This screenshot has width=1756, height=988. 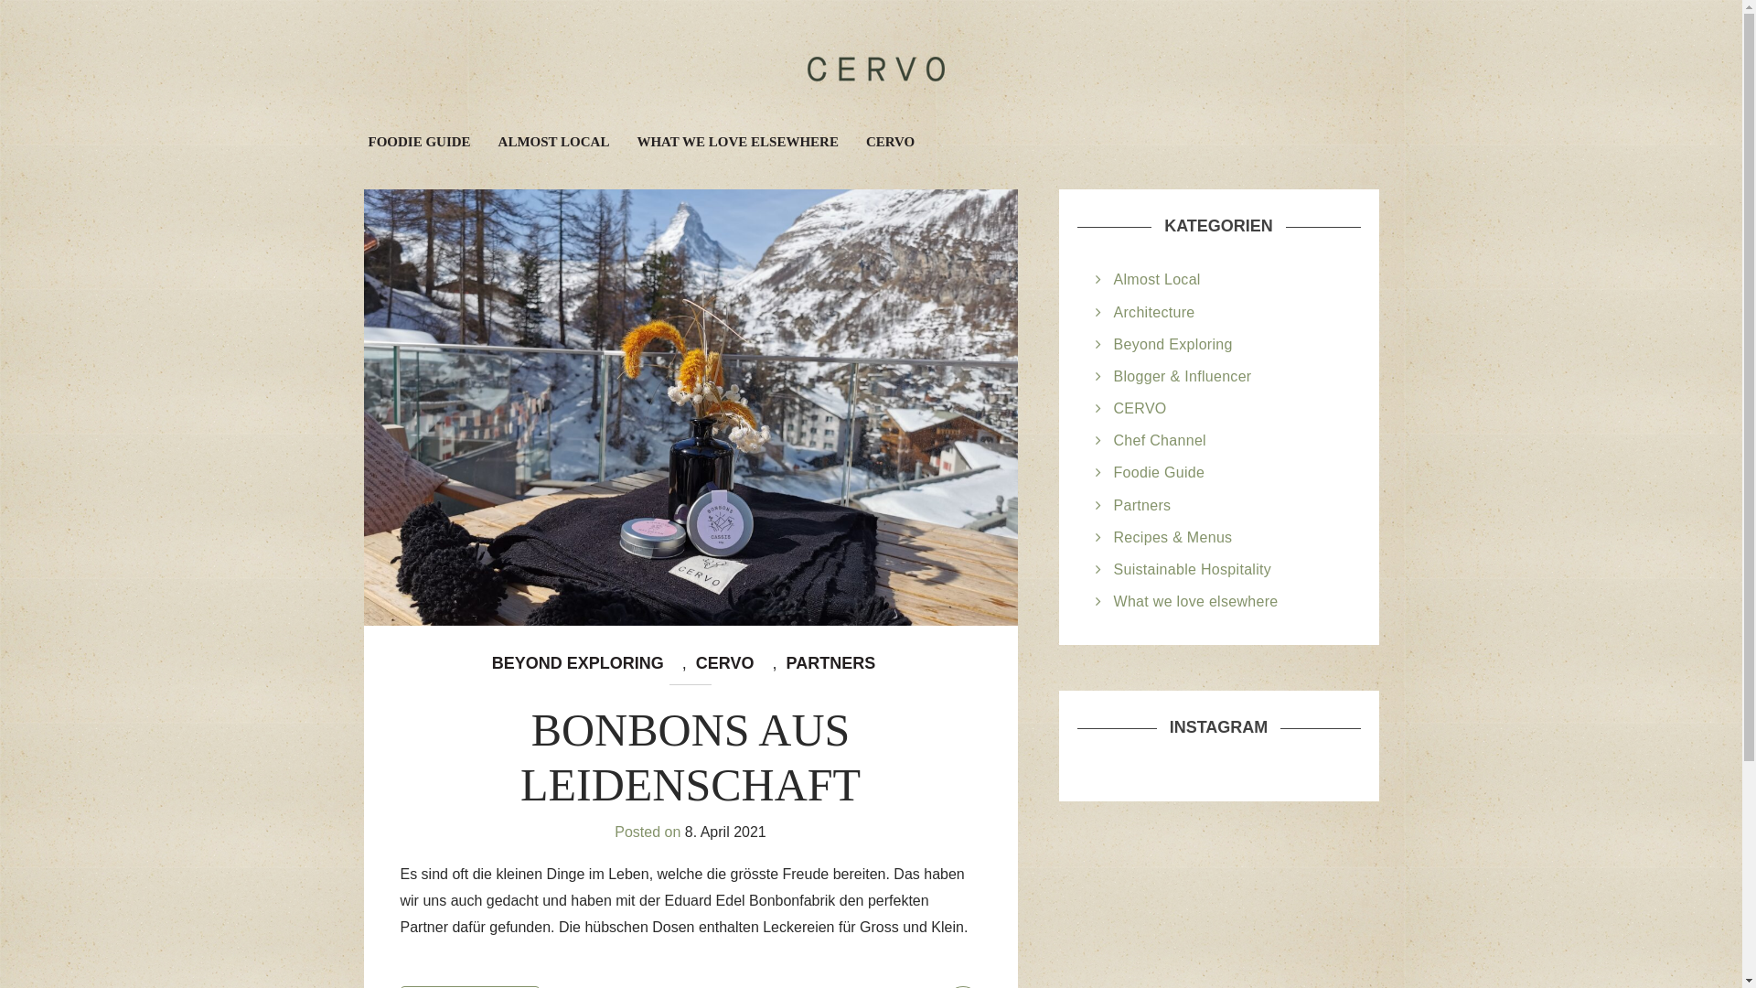 What do you see at coordinates (577, 663) in the screenshot?
I see `'BEYOND EXPLORING'` at bounding box center [577, 663].